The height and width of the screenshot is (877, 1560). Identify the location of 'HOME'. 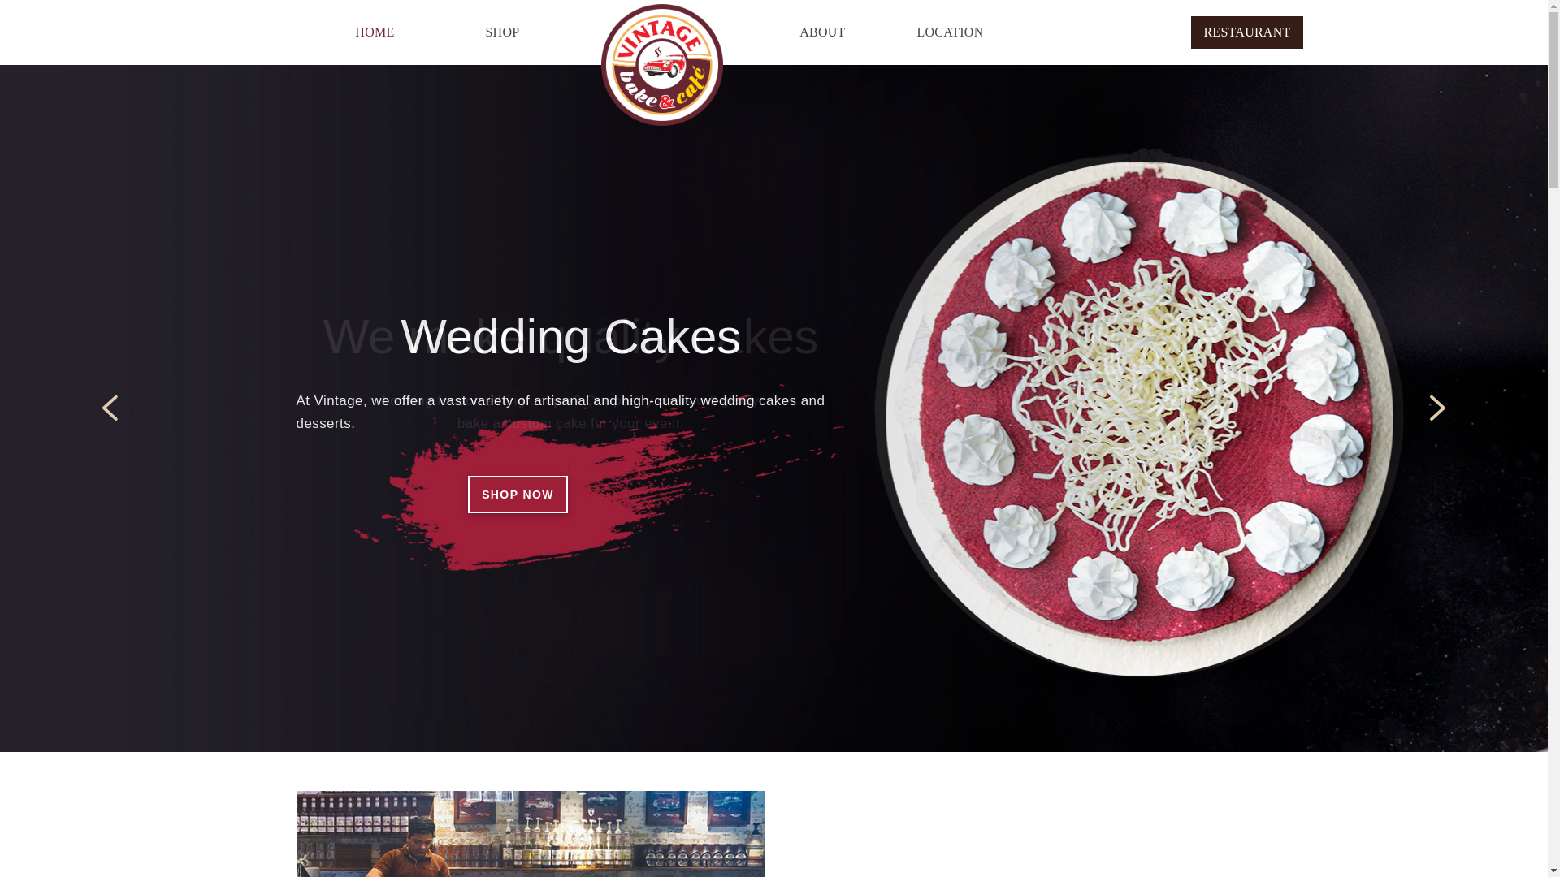
(353, 32).